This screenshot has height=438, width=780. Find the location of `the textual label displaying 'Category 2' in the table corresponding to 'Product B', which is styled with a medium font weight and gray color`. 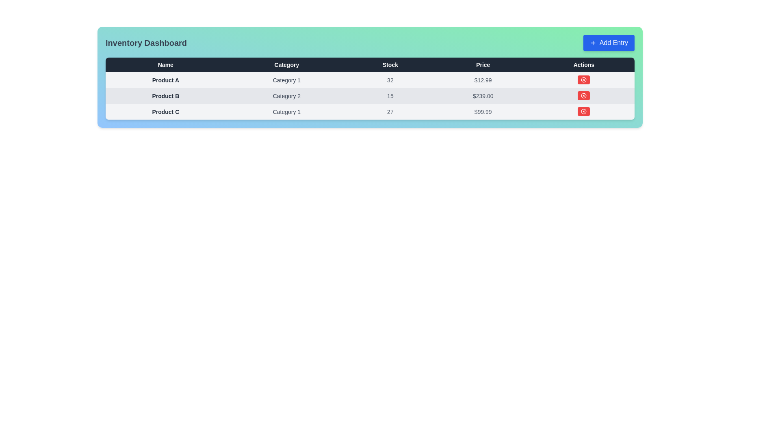

the textual label displaying 'Category 2' in the table corresponding to 'Product B', which is styled with a medium font weight and gray color is located at coordinates (286, 95).